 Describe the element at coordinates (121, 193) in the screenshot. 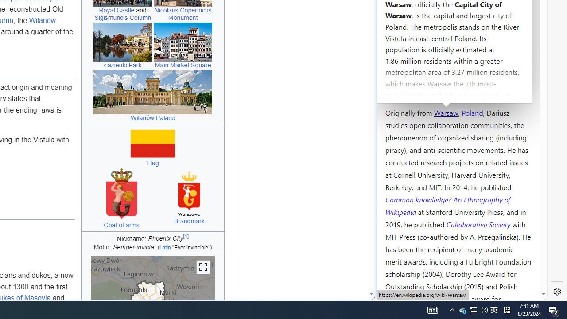

I see `'Coat of arms of Warsaw'` at that location.